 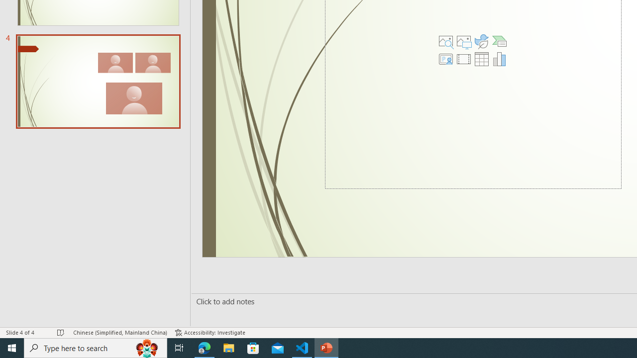 What do you see at coordinates (445, 59) in the screenshot?
I see `'Insert Cameo'` at bounding box center [445, 59].